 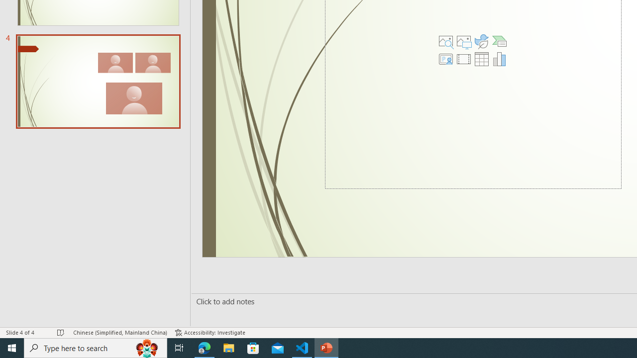 What do you see at coordinates (445, 59) in the screenshot?
I see `'Insert Cameo'` at bounding box center [445, 59].